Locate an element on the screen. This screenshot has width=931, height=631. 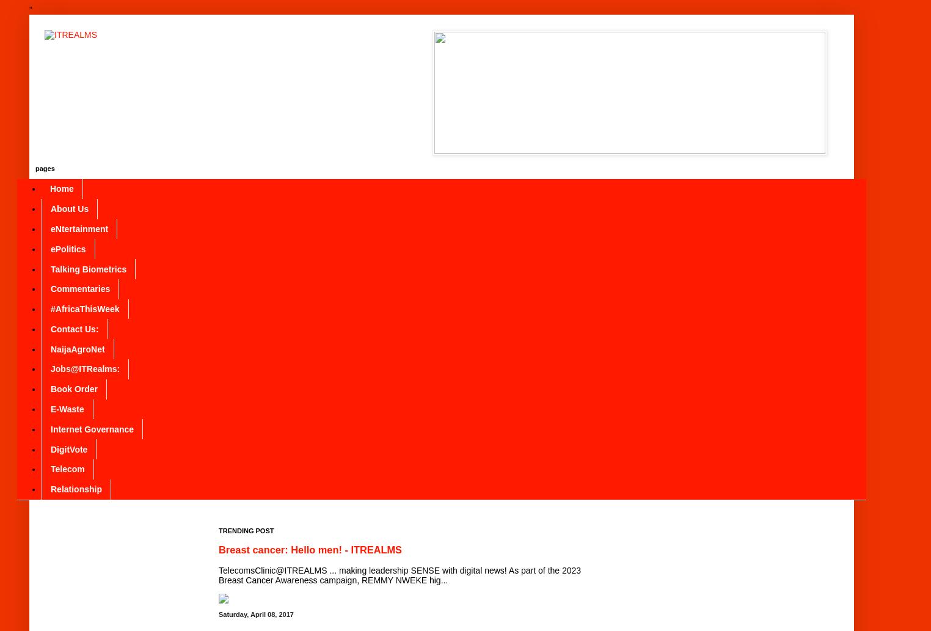
'Talking Biometrics' is located at coordinates (87, 268).